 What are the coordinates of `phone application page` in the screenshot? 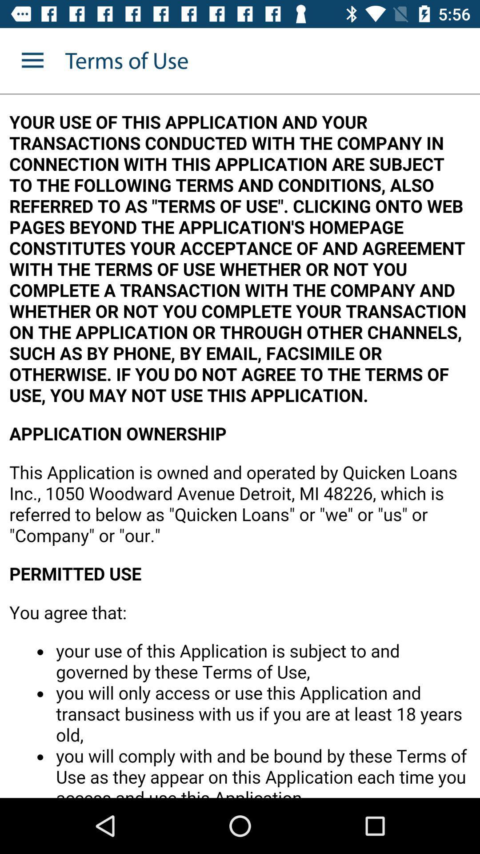 It's located at (240, 446).